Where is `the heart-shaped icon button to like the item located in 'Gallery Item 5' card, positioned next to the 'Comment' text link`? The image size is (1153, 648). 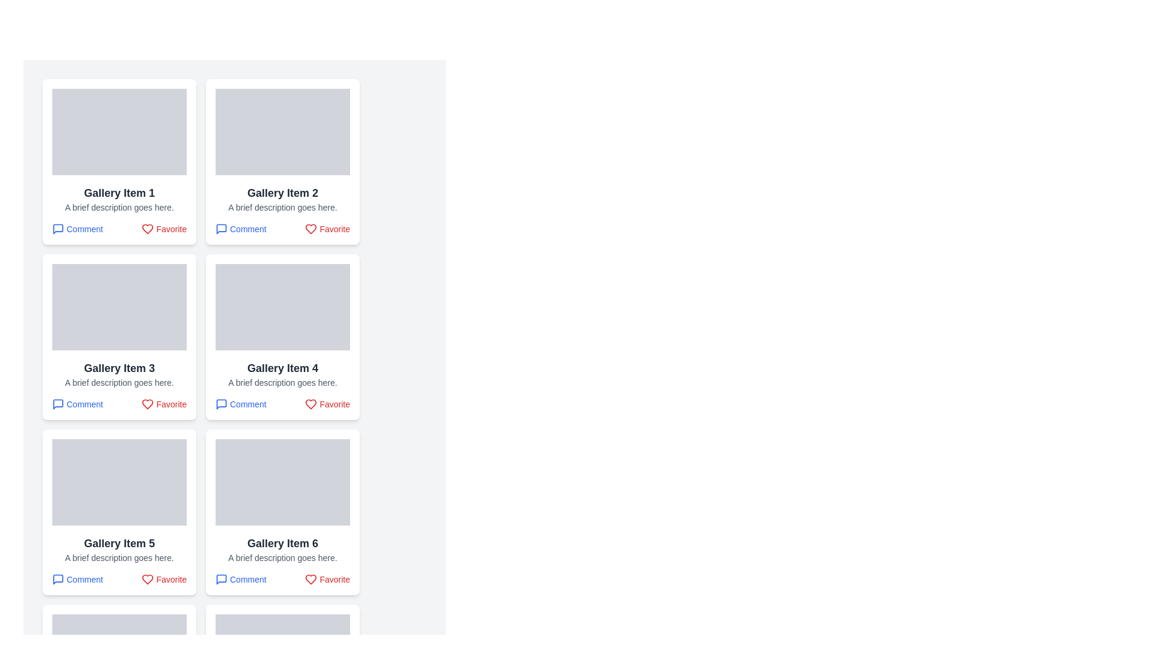 the heart-shaped icon button to like the item located in 'Gallery Item 5' card, positioned next to the 'Comment' text link is located at coordinates (147, 578).